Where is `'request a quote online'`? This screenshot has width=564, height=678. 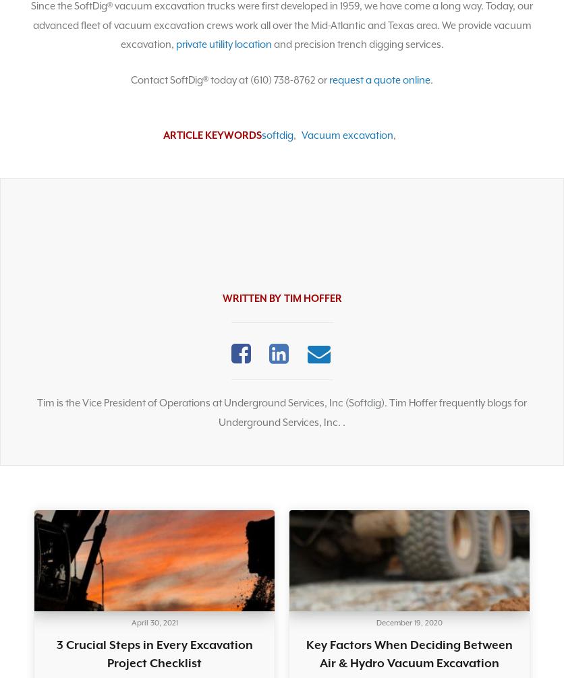
'request a quote online' is located at coordinates (378, 80).